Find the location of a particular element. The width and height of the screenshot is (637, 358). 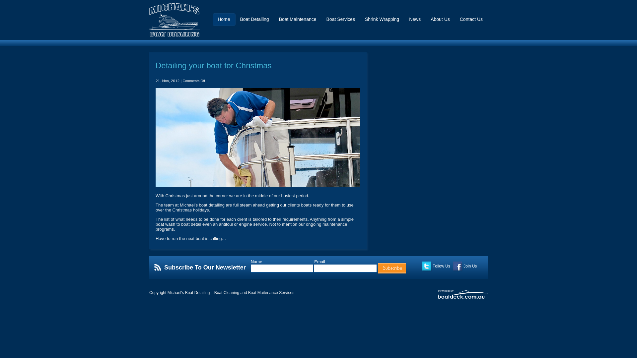

'Contact Us' is located at coordinates (460, 21).